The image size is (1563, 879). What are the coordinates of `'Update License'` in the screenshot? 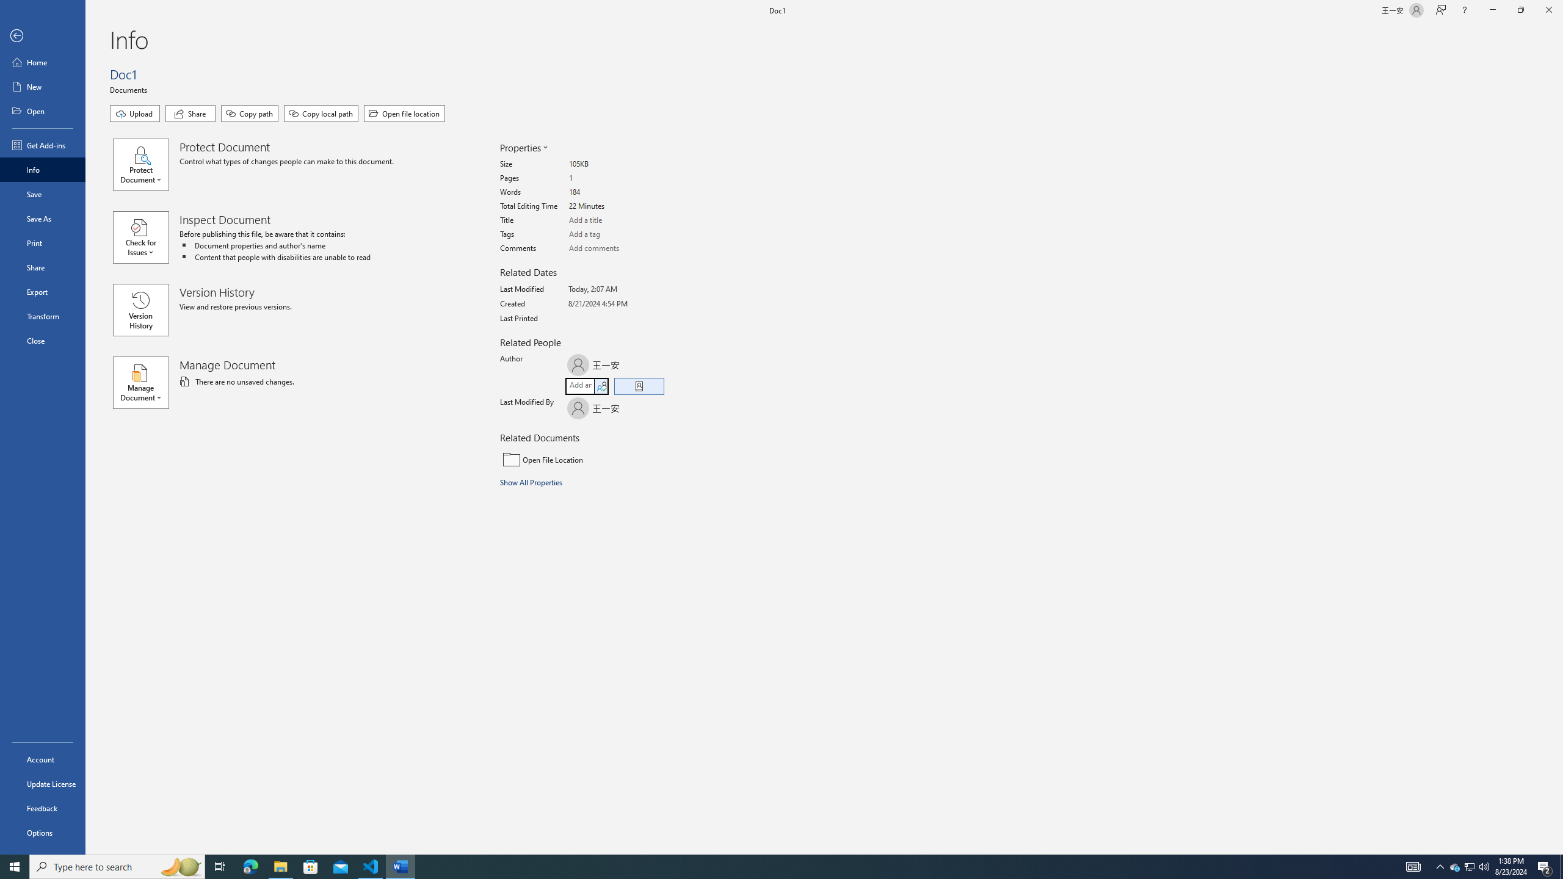 It's located at (42, 783).